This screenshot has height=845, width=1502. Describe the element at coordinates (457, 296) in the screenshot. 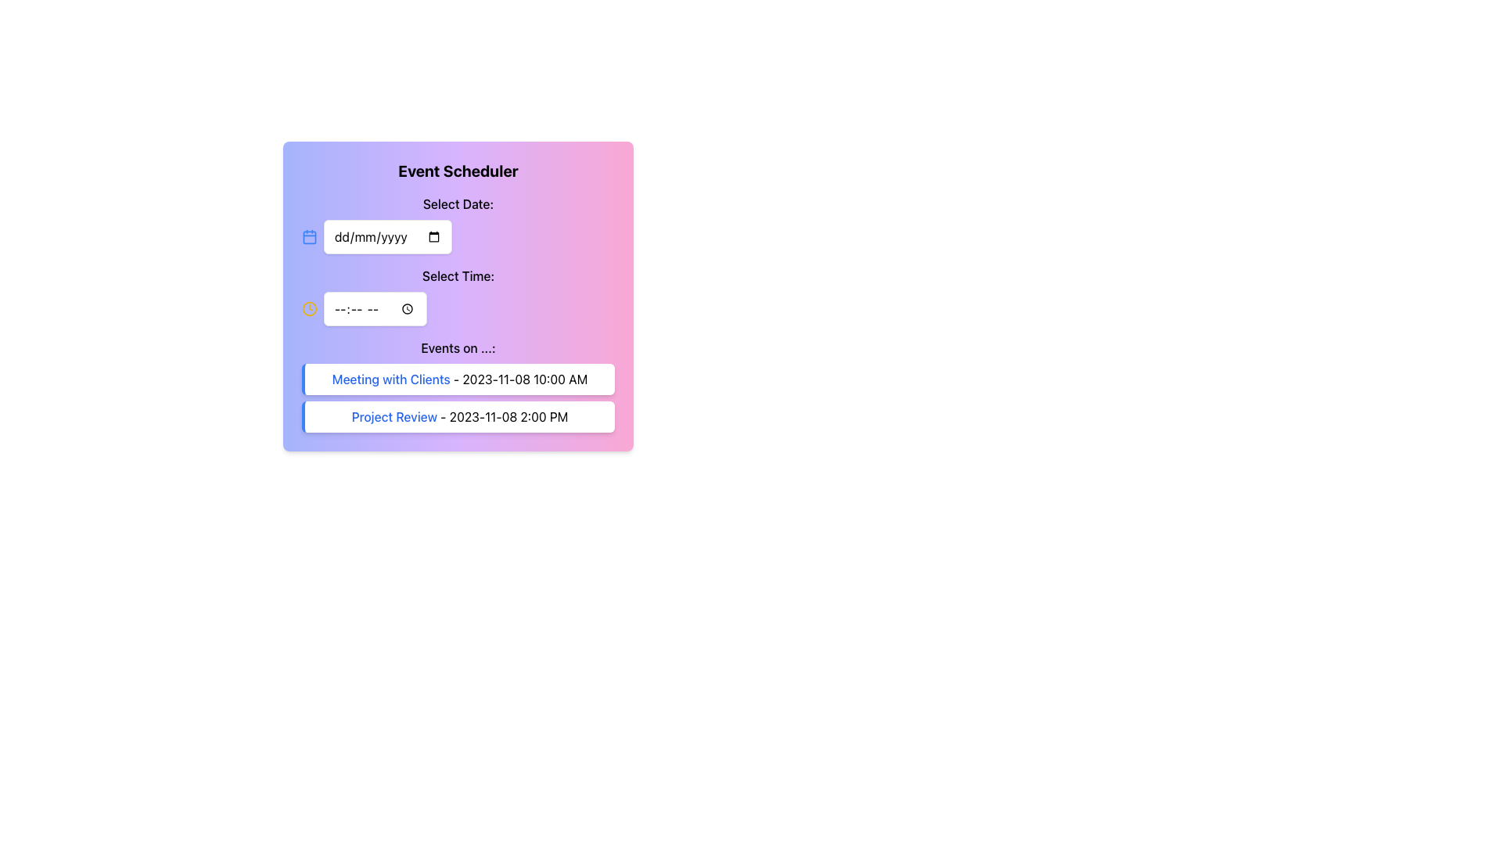

I see `the Time input field` at that location.